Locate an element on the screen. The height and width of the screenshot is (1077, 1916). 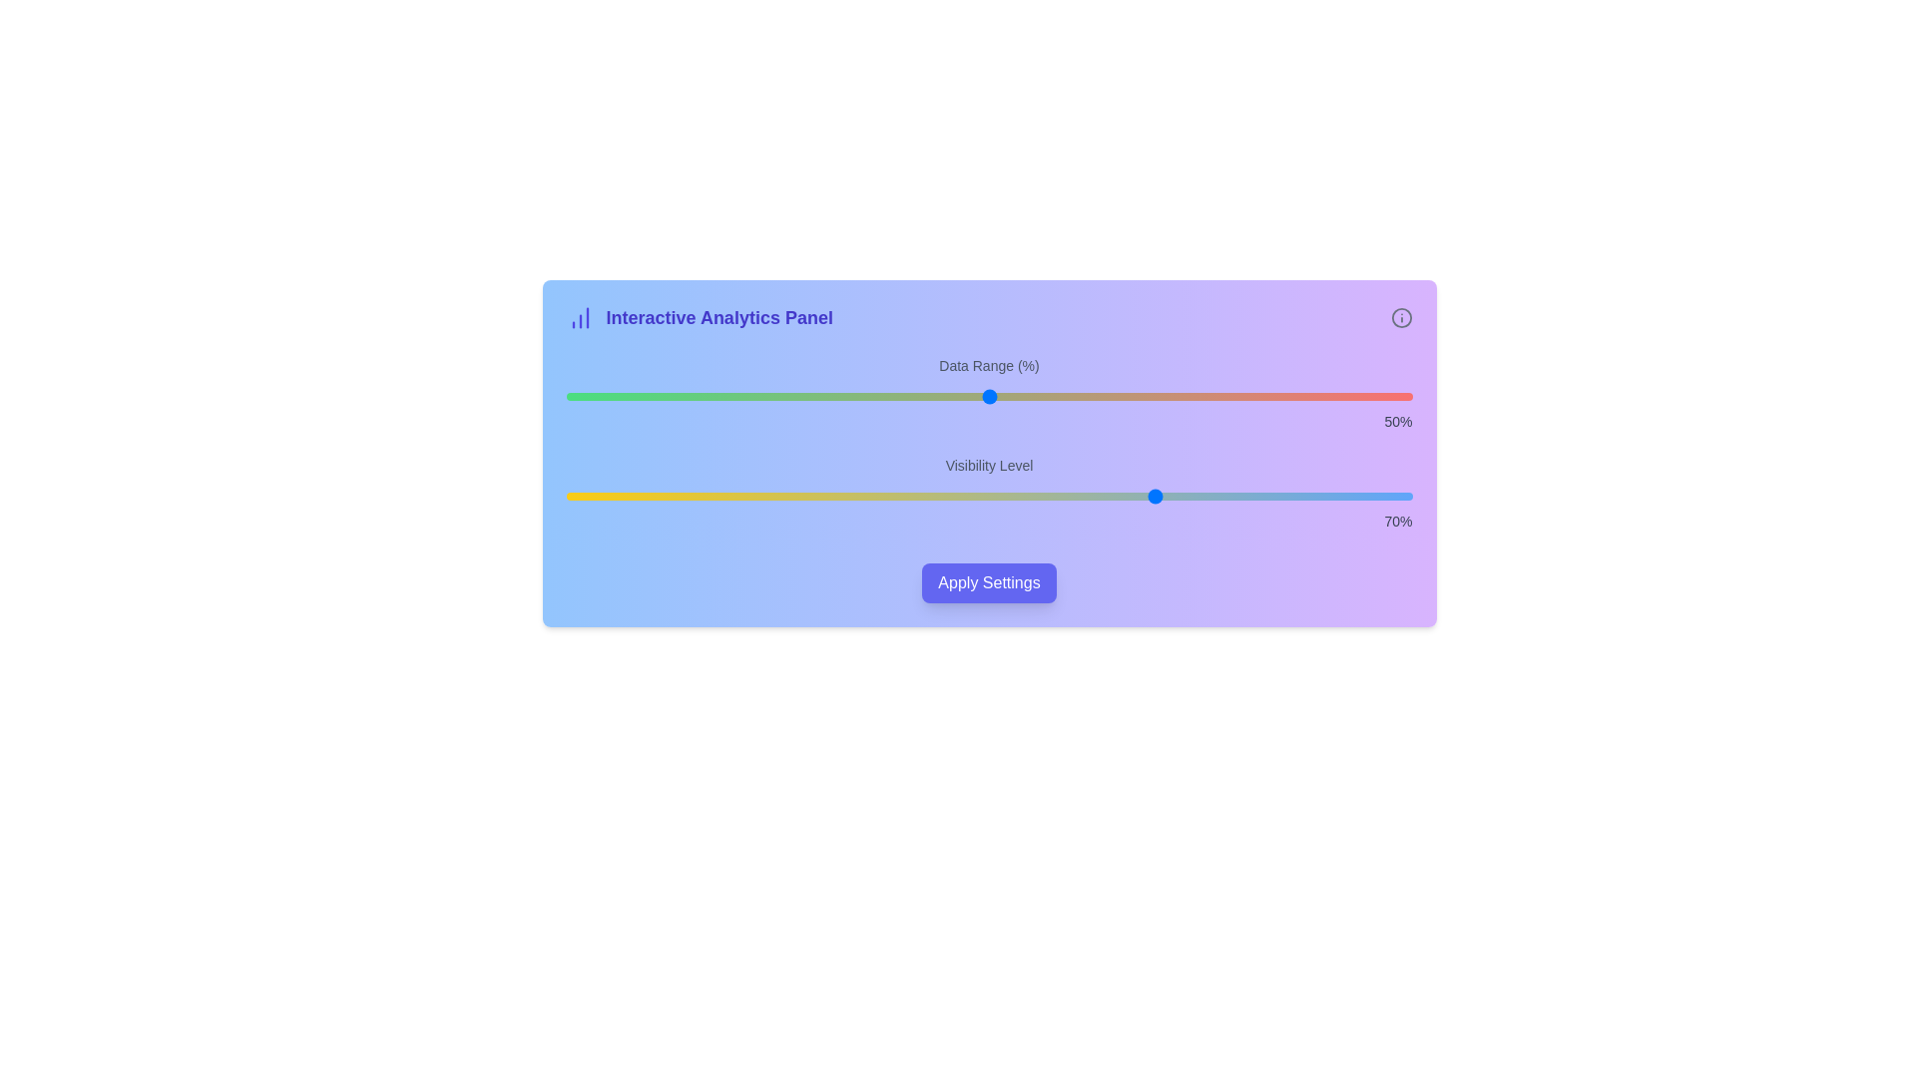
the 'Visibility Level' slider to set its value to 29% is located at coordinates (811, 495).